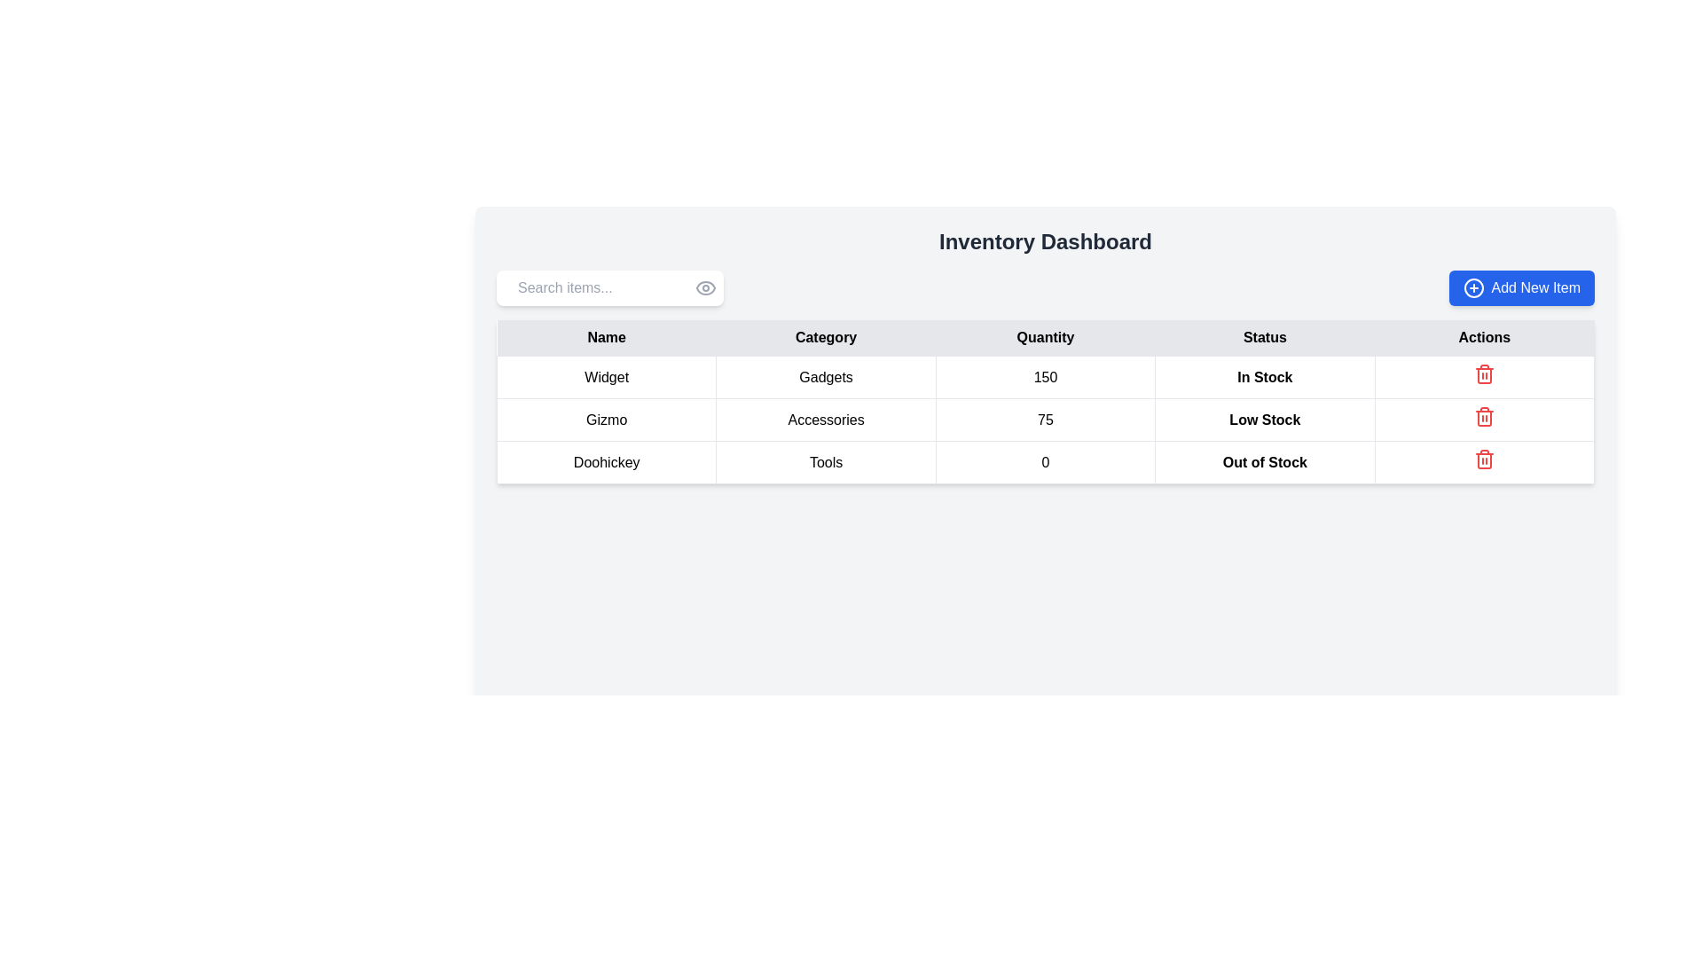  What do you see at coordinates (825, 461) in the screenshot?
I see `the text cell labeled 'Tools' located in the 'Category' column of the third row corresponding to the item 'Doohickey'` at bounding box center [825, 461].